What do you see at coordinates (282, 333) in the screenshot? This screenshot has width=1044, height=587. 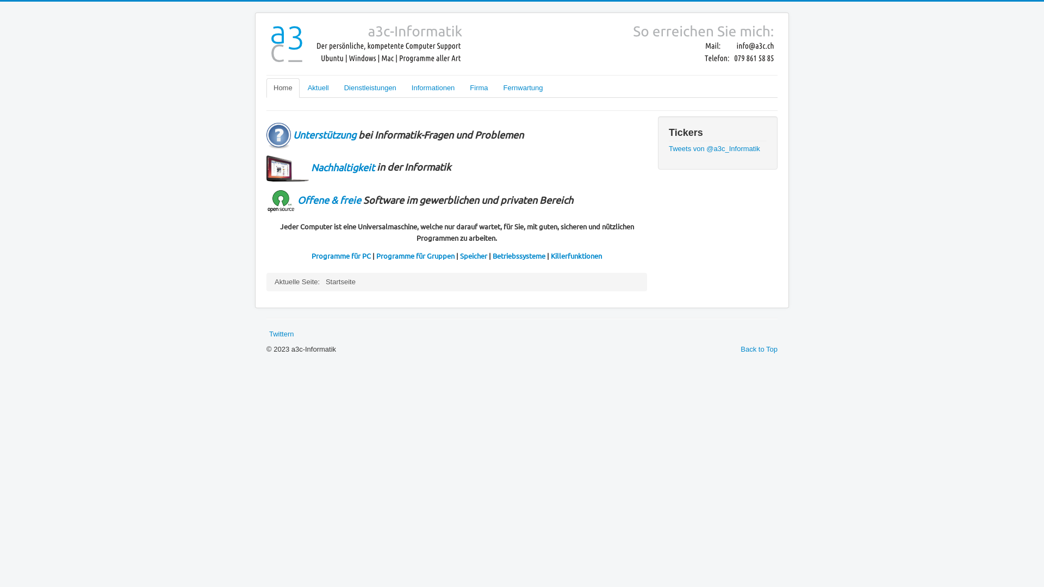 I see `'Twittern'` at bounding box center [282, 333].